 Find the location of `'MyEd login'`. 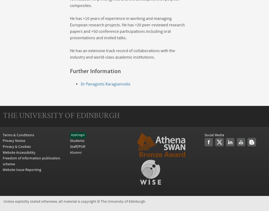

'MyEd login' is located at coordinates (78, 135).